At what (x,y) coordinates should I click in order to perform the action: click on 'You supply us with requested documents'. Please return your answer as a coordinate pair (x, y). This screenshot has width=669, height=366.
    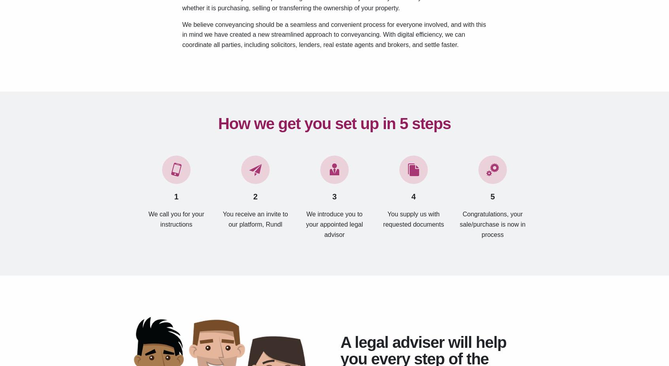
    Looking at the image, I should click on (413, 219).